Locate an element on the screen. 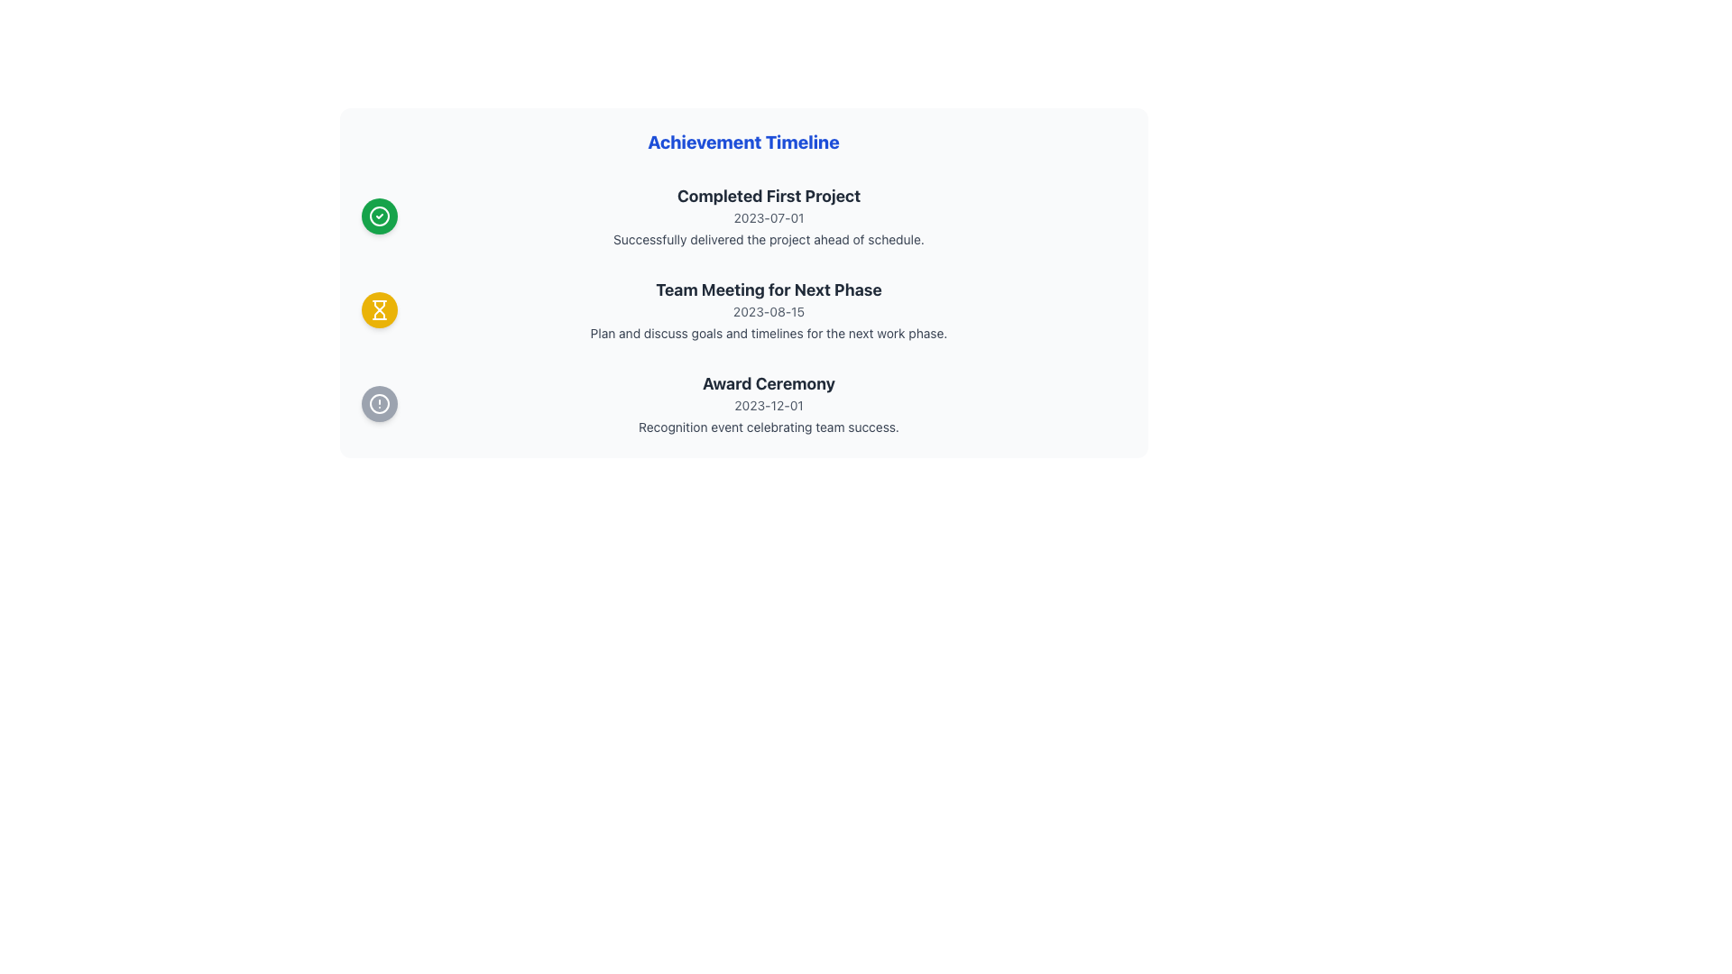 The image size is (1732, 974). the SVG circle element that indicates success, positioned at the center of the first icon in the horizontal timeline, for accessibility purposes is located at coordinates (378, 215).